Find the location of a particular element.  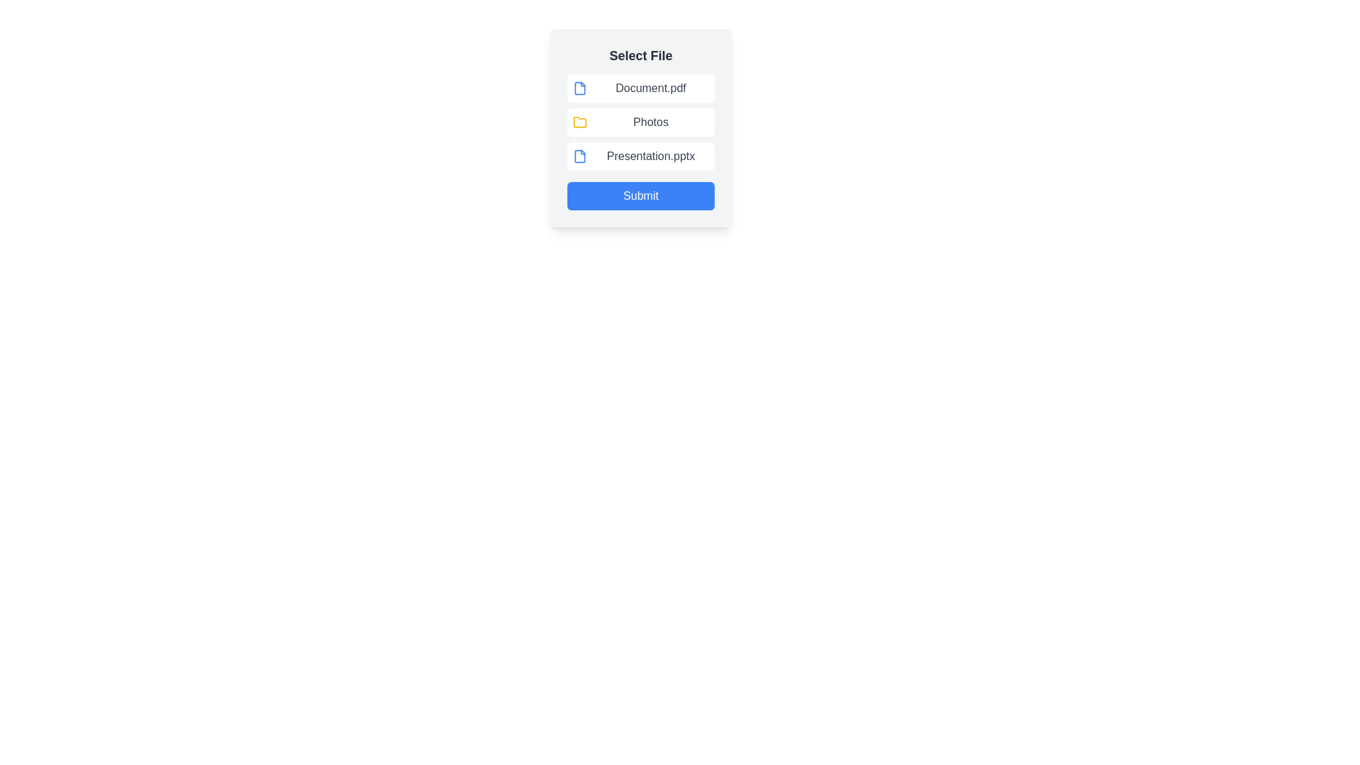

the 'Photos' button which is a rectangular button with a yellow folder icon and grey text, located between the 'Document.pdf' and 'Presentation.pptx' buttons is located at coordinates (640, 122).